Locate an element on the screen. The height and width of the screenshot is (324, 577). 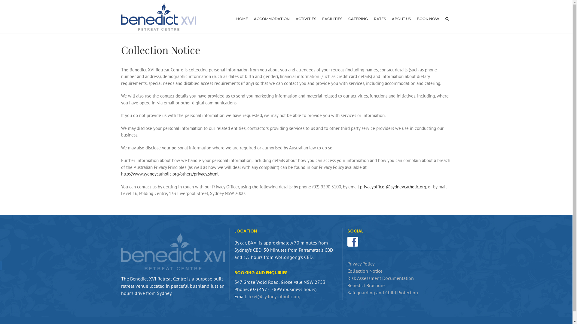
'HOME' is located at coordinates (242, 18).